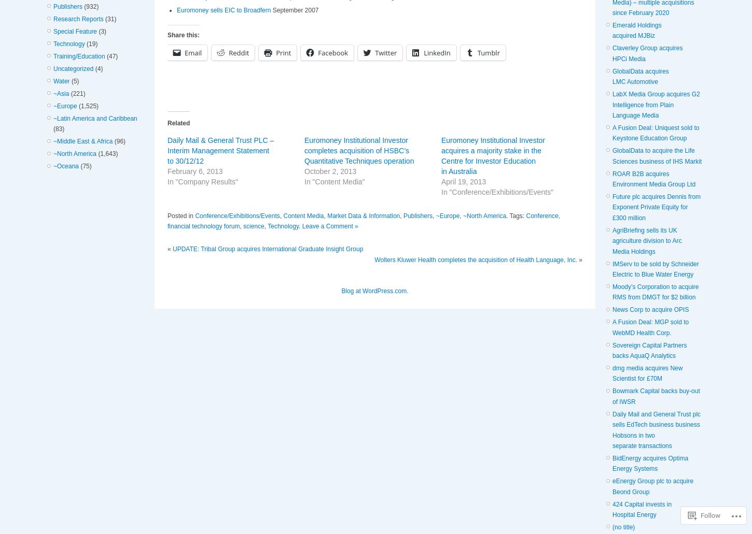  I want to click on 'Bowmark Capital backs buy-out of IWSR', so click(656, 396).